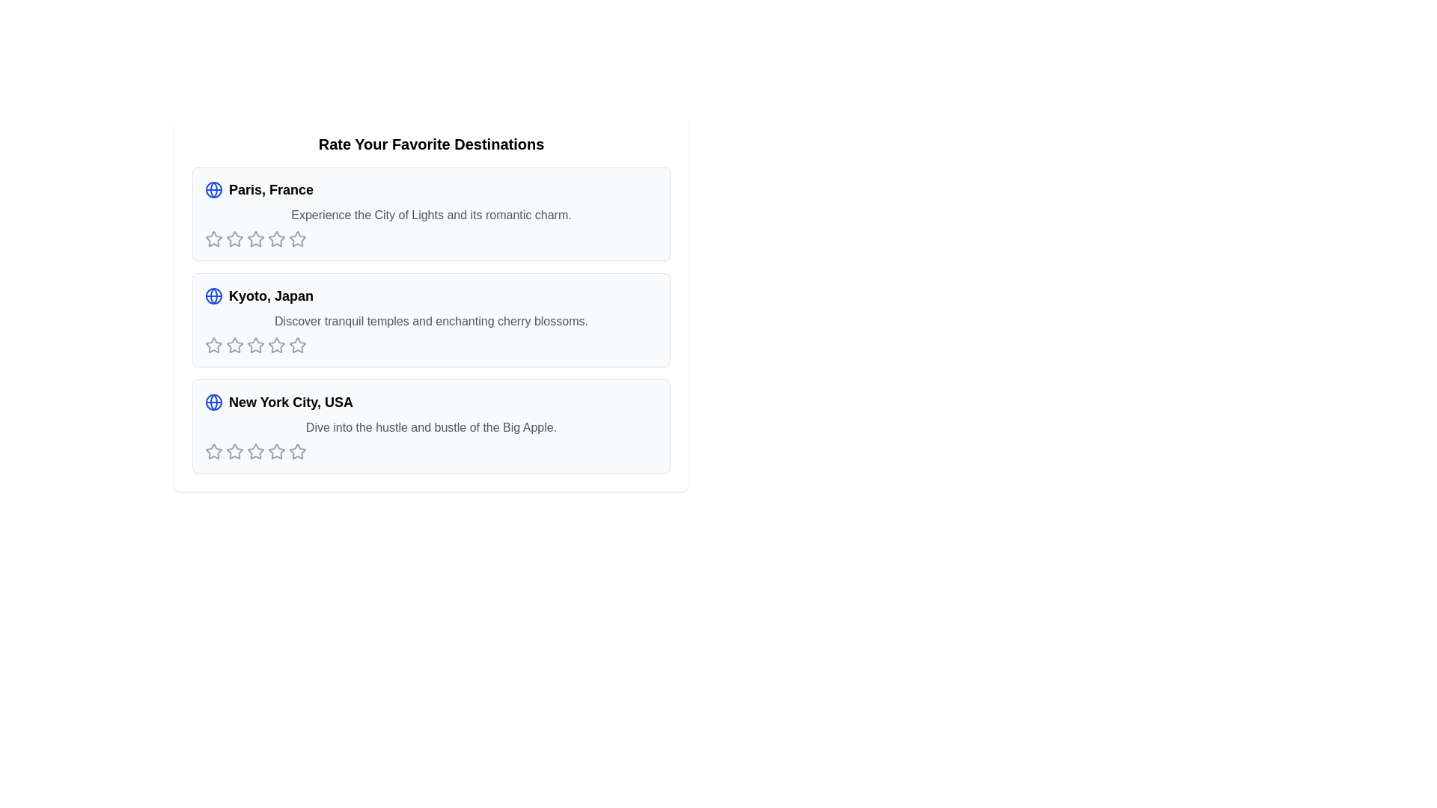  I want to click on the fifth rating star icon, which is a star-shaped icon outlined in gray, located below the text 'Dive into the hustle and bustle of the Big Apple' in the 'New York City, USA' section to assign a rating, so click(298, 451).